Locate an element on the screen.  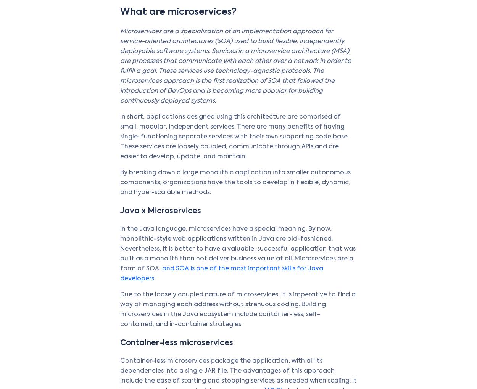
'Ecosystem' is located at coordinates (330, 179).